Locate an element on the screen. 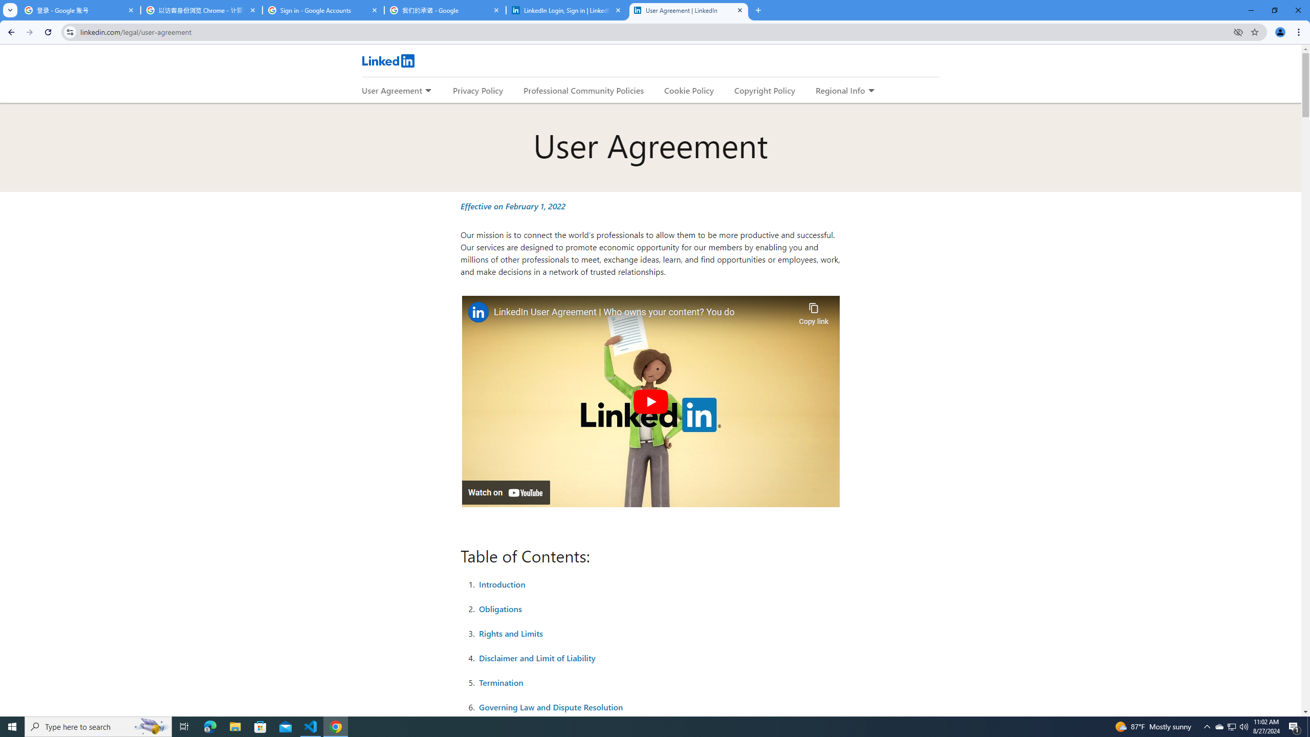 The height and width of the screenshot is (737, 1310). 'User Agreement' is located at coordinates (391, 90).